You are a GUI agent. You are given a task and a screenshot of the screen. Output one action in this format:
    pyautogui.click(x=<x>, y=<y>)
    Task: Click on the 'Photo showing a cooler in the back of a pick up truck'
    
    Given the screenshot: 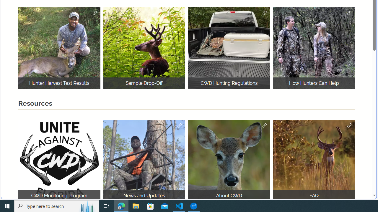 What is the action you would take?
    pyautogui.click(x=229, y=48)
    